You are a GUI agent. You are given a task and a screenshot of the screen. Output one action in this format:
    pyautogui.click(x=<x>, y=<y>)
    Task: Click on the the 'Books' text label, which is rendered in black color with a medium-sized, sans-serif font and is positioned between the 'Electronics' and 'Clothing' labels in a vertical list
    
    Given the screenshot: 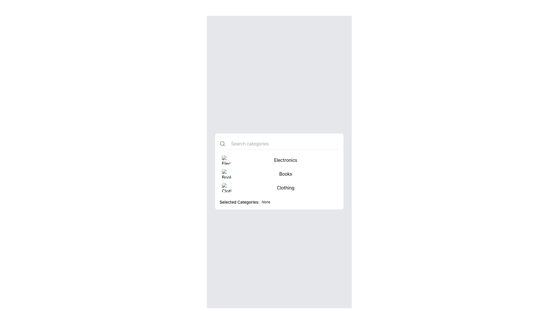 What is the action you would take?
    pyautogui.click(x=279, y=171)
    